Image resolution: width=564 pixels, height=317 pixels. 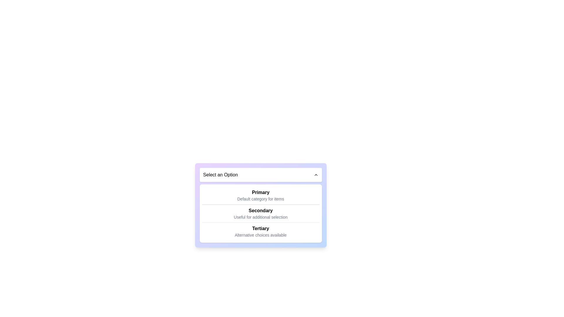 I want to click on the list item named 'Secondary' in the dropdown menu, so click(x=260, y=213).